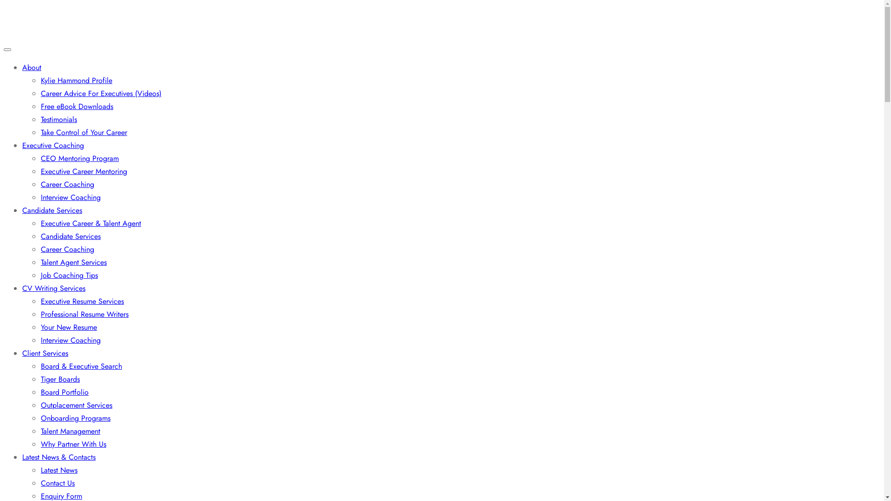 The width and height of the screenshot is (891, 501). I want to click on 'Executive Career & Talent Agent', so click(40, 223).